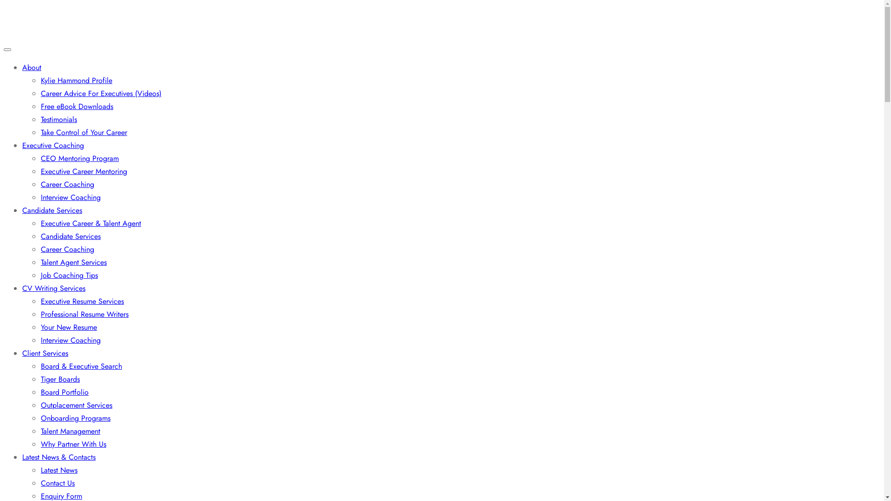 The width and height of the screenshot is (891, 501). I want to click on 'Executive Career & Talent Agent', so click(40, 223).